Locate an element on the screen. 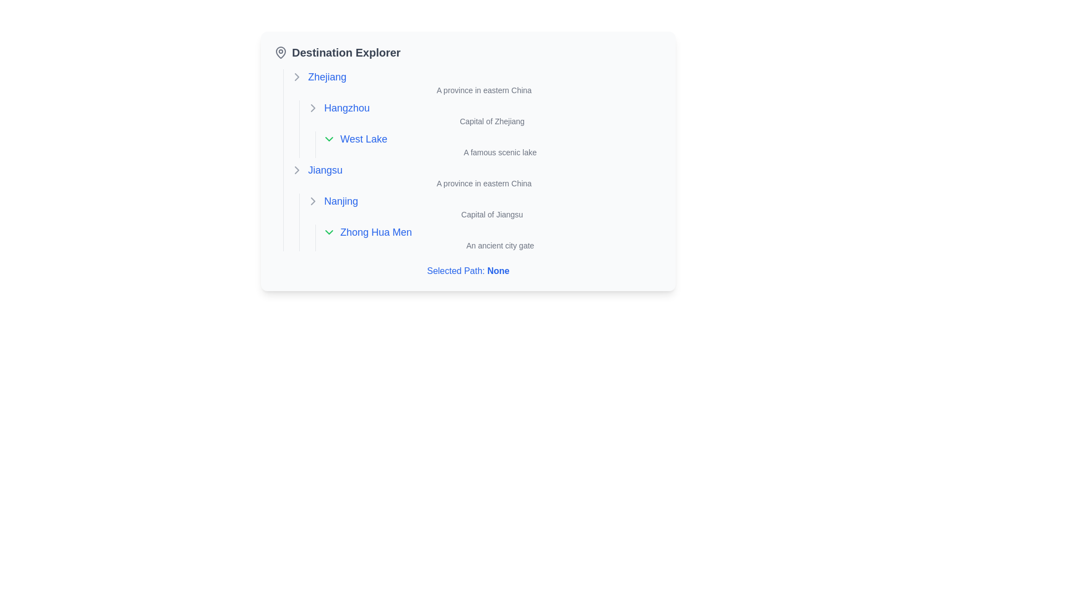 Image resolution: width=1066 pixels, height=599 pixels. the Chevron or toggle indicator located to the far left of the 'Jiangsu' entry is located at coordinates (296, 170).